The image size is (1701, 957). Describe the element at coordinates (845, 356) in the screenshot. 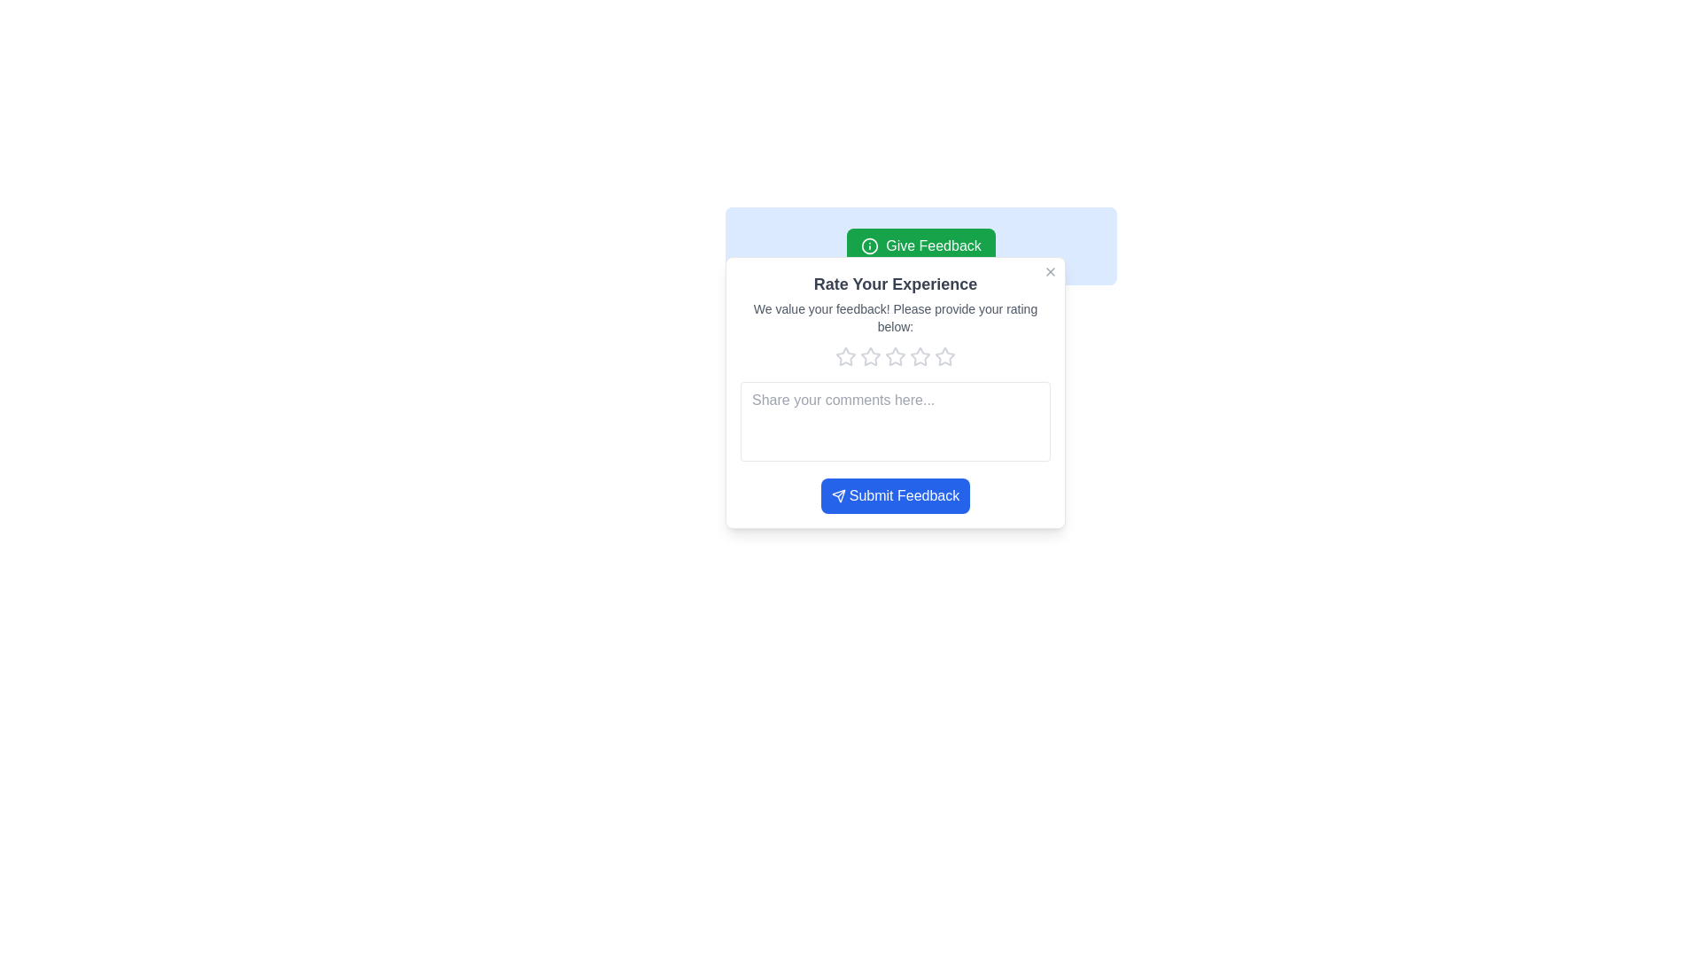

I see `the first star icon representing a 1-star rating in the feedback dialog` at that location.